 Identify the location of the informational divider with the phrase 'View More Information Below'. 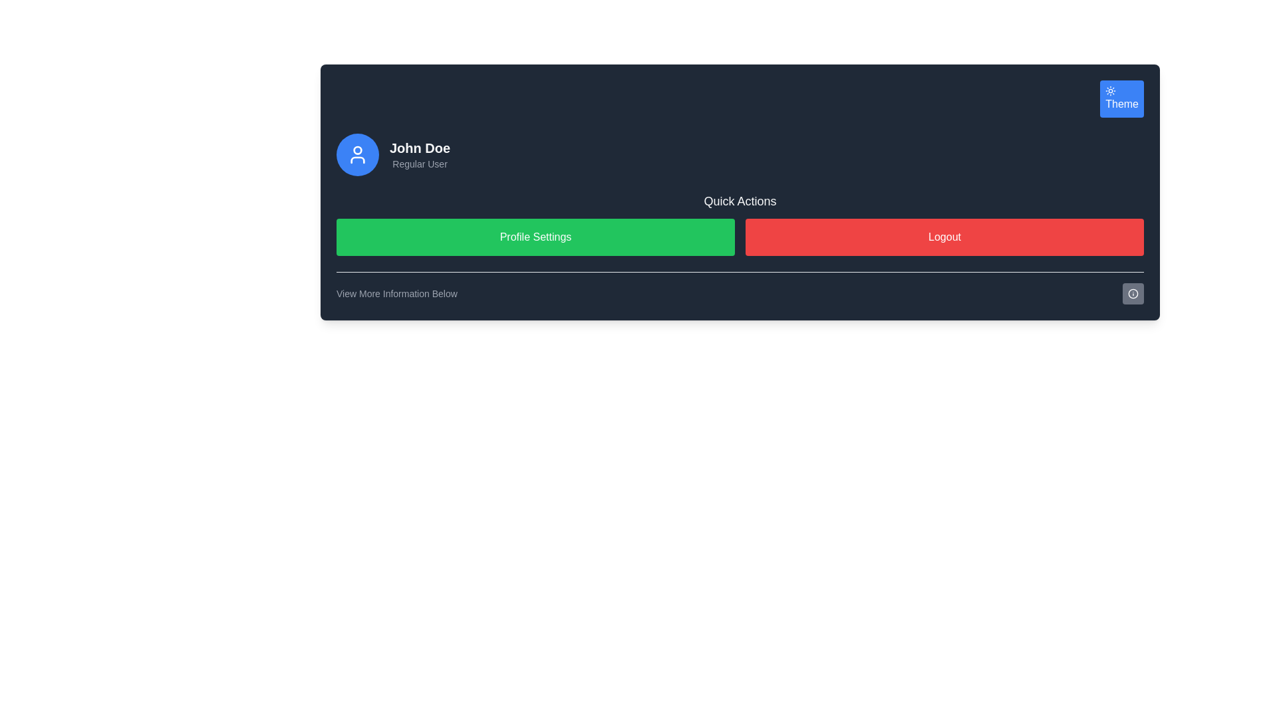
(740, 287).